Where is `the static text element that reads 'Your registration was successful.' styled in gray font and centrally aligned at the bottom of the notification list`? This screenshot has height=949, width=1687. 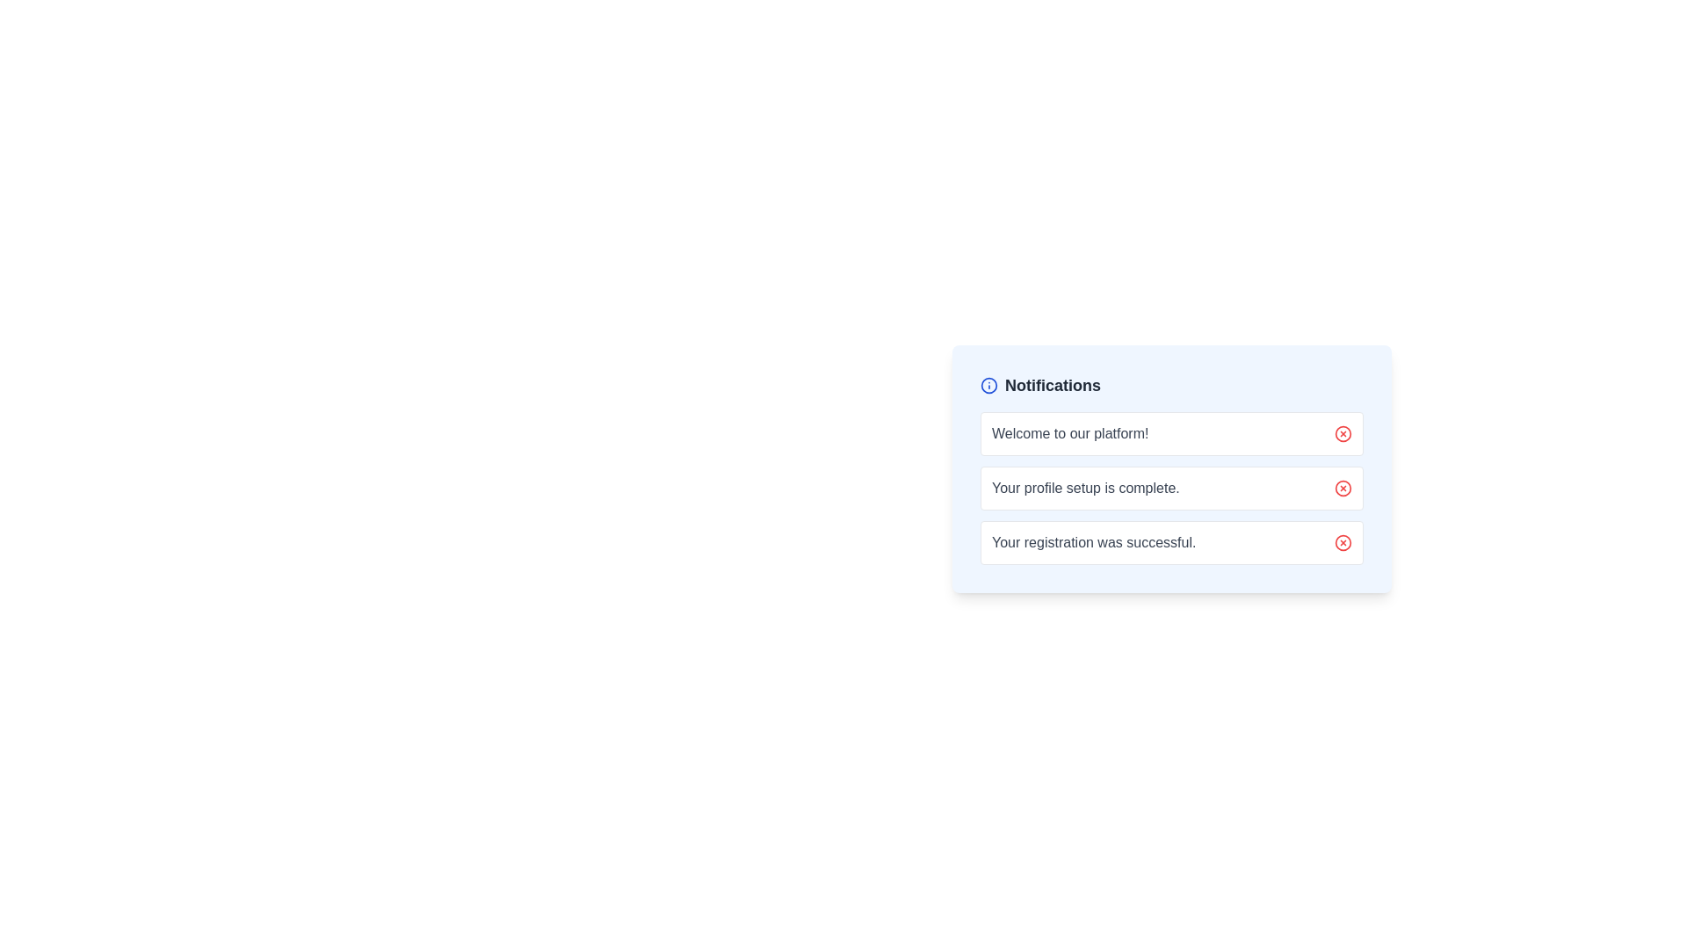 the static text element that reads 'Your registration was successful.' styled in gray font and centrally aligned at the bottom of the notification list is located at coordinates (1093, 541).